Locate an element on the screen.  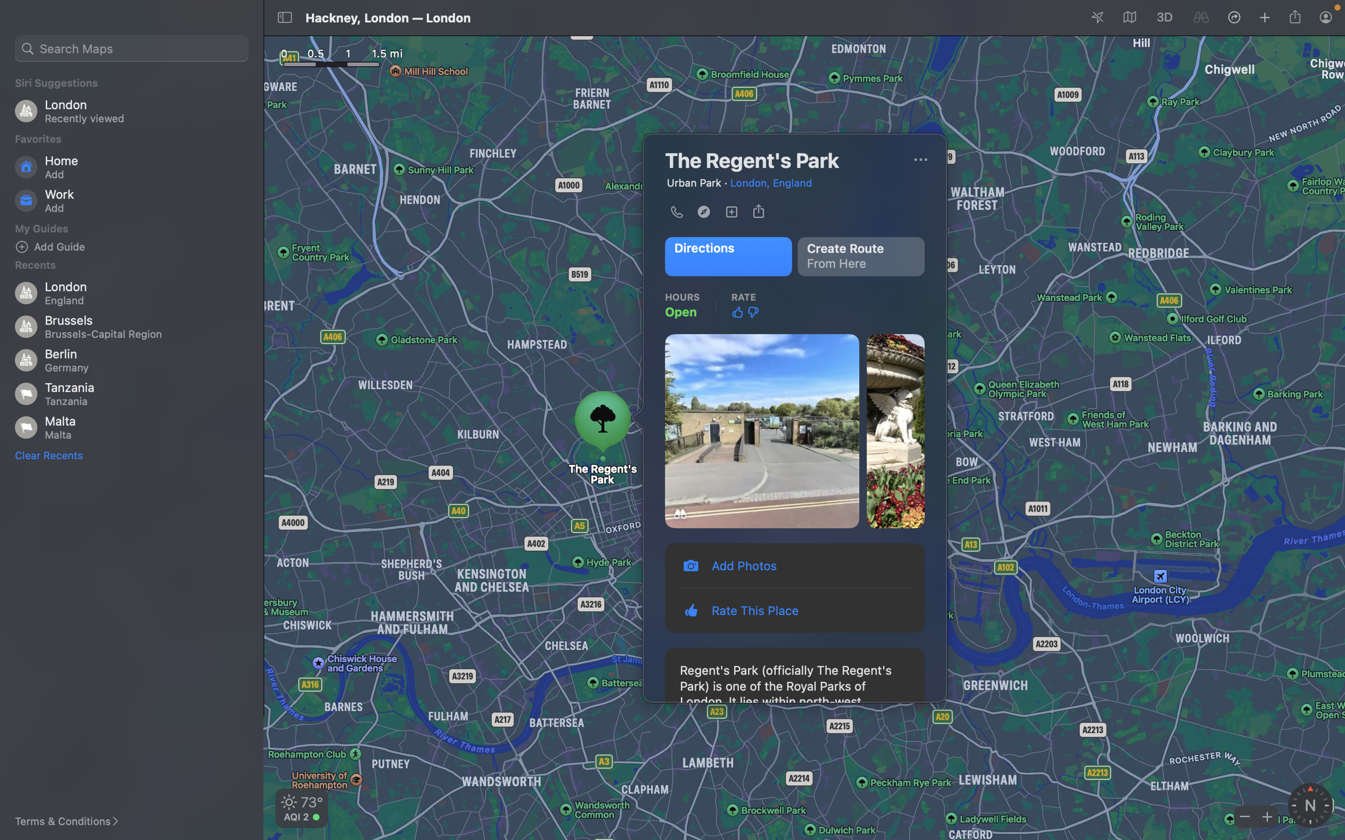
a call by selecting from the top right options is located at coordinates (920, 159).